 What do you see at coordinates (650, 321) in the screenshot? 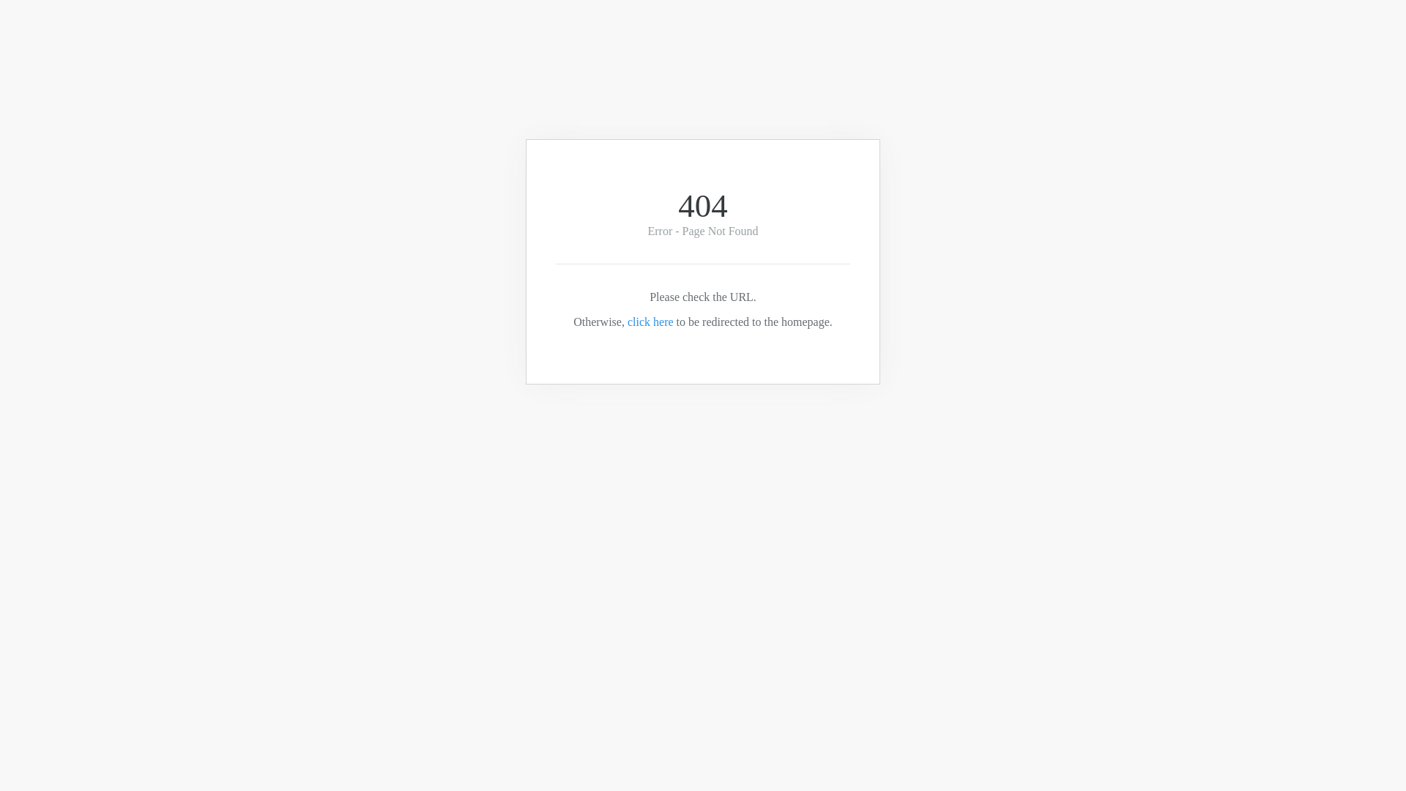
I see `'click here'` at bounding box center [650, 321].